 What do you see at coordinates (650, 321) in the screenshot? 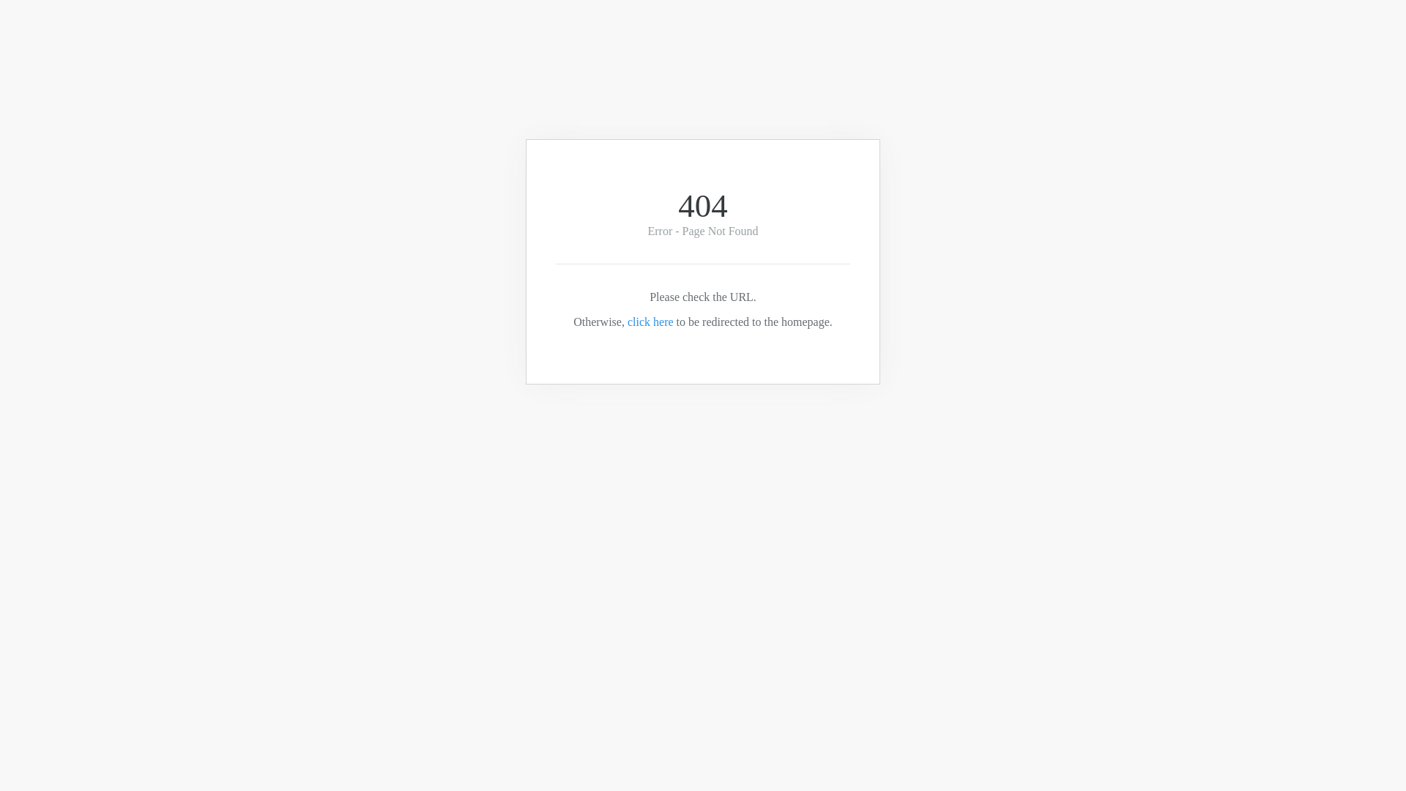
I see `'click here'` at bounding box center [650, 321].